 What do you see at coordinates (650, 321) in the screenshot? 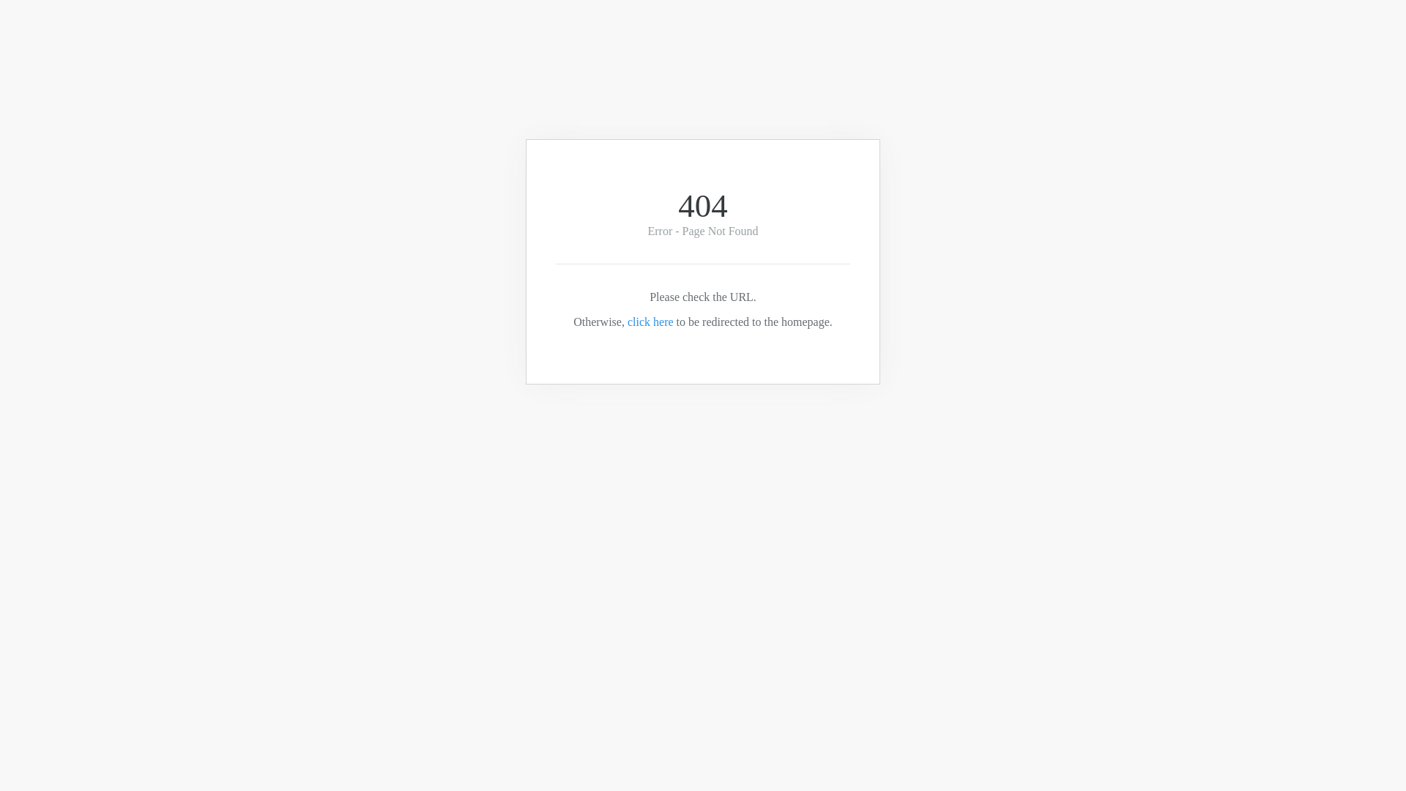
I see `'click here'` at bounding box center [650, 321].